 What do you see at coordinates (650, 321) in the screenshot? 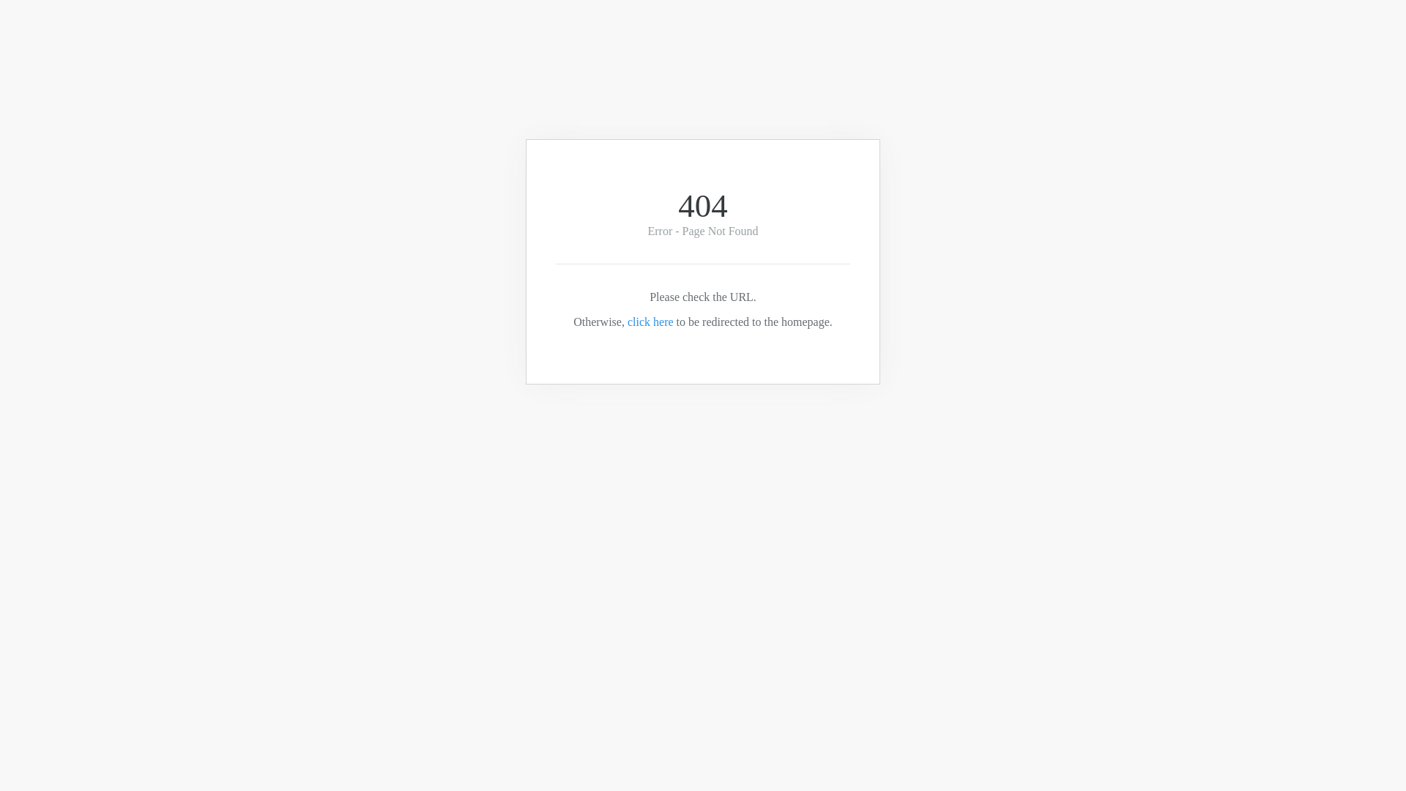
I see `'click here'` at bounding box center [650, 321].